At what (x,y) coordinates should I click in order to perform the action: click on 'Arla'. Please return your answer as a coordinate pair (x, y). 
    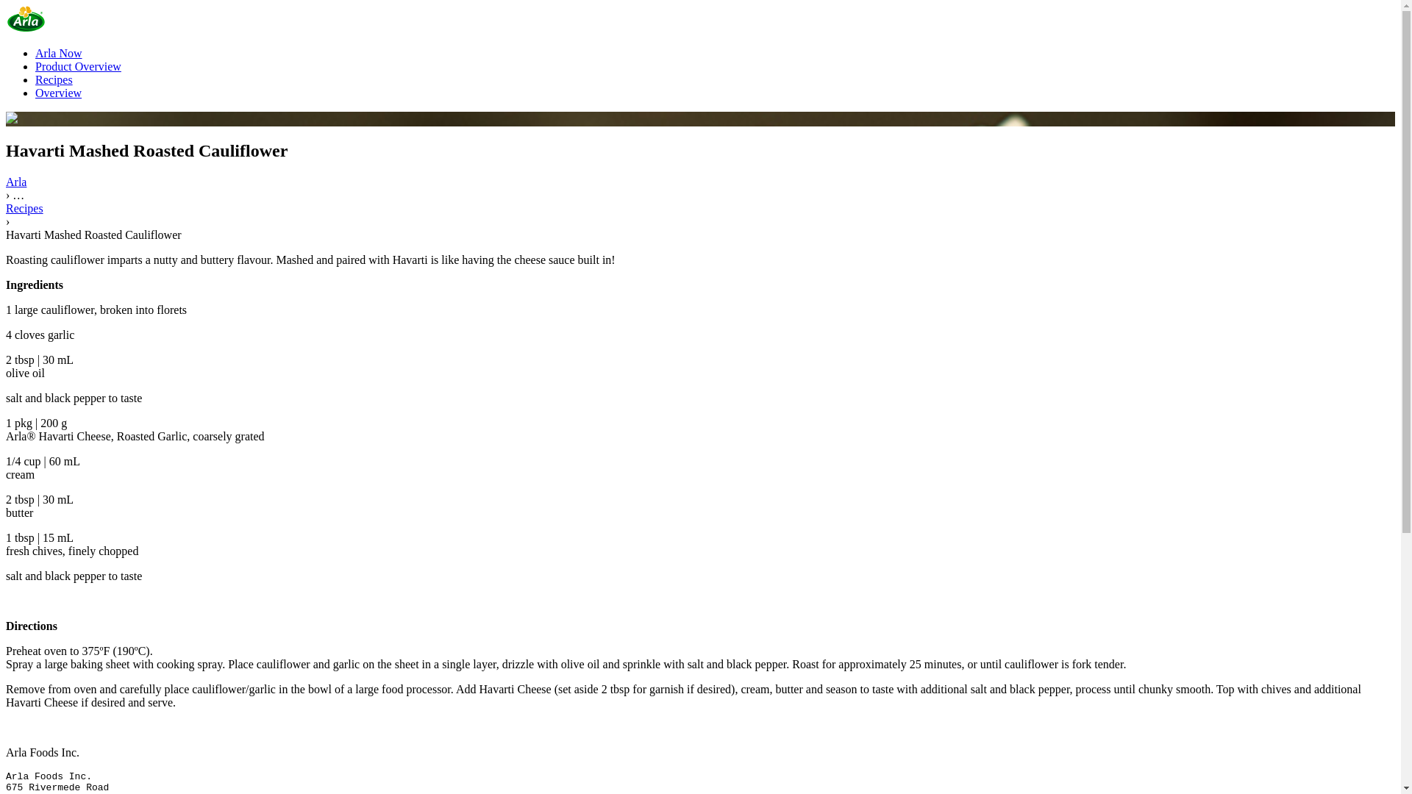
    Looking at the image, I should click on (16, 181).